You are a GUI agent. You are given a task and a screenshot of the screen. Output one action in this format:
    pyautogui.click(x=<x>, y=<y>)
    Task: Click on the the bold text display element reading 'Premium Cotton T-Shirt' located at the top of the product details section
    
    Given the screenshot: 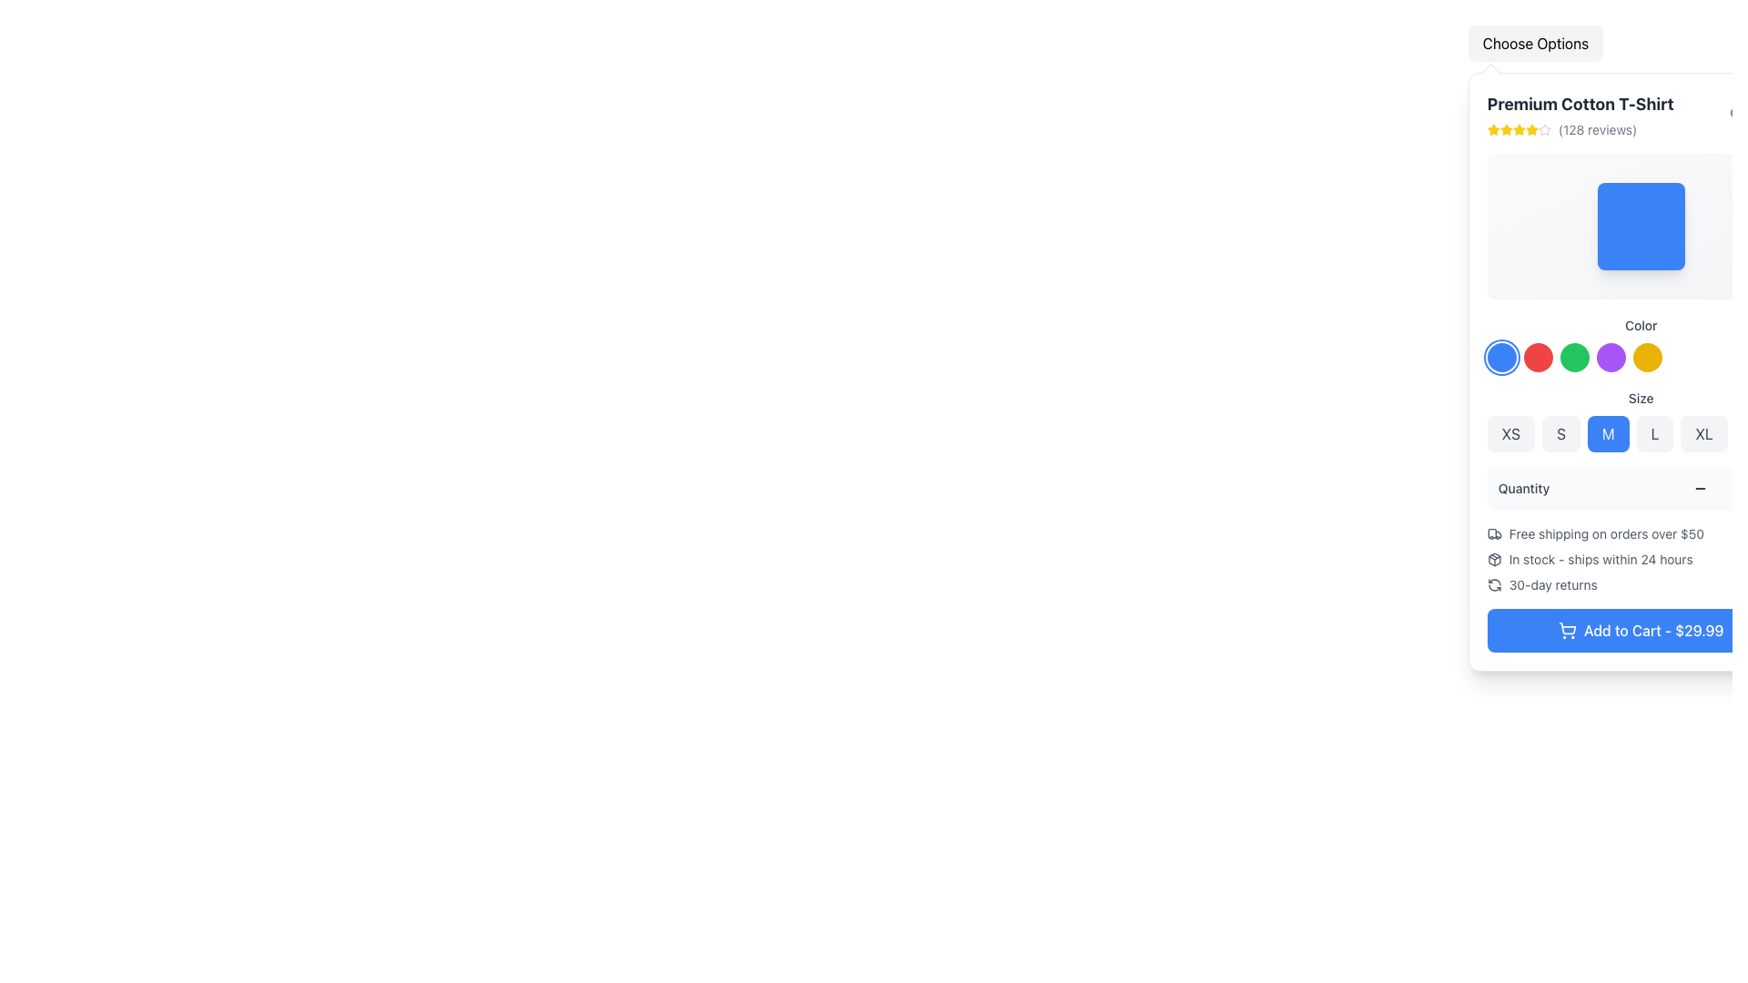 What is the action you would take?
    pyautogui.click(x=1580, y=105)
    